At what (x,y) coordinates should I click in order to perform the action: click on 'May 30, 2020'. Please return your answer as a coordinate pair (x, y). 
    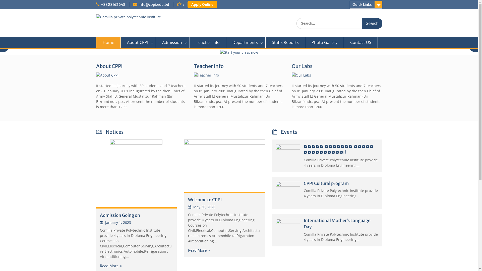
    Looking at the image, I should click on (201, 207).